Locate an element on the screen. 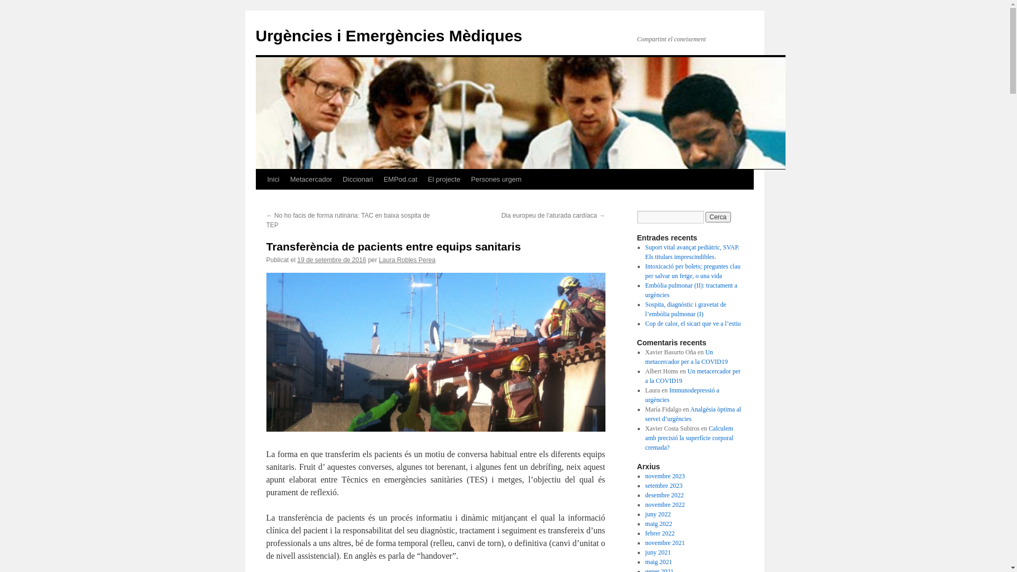 The height and width of the screenshot is (572, 1017). 'Un metacercador per a la COVID19' is located at coordinates (686, 357).